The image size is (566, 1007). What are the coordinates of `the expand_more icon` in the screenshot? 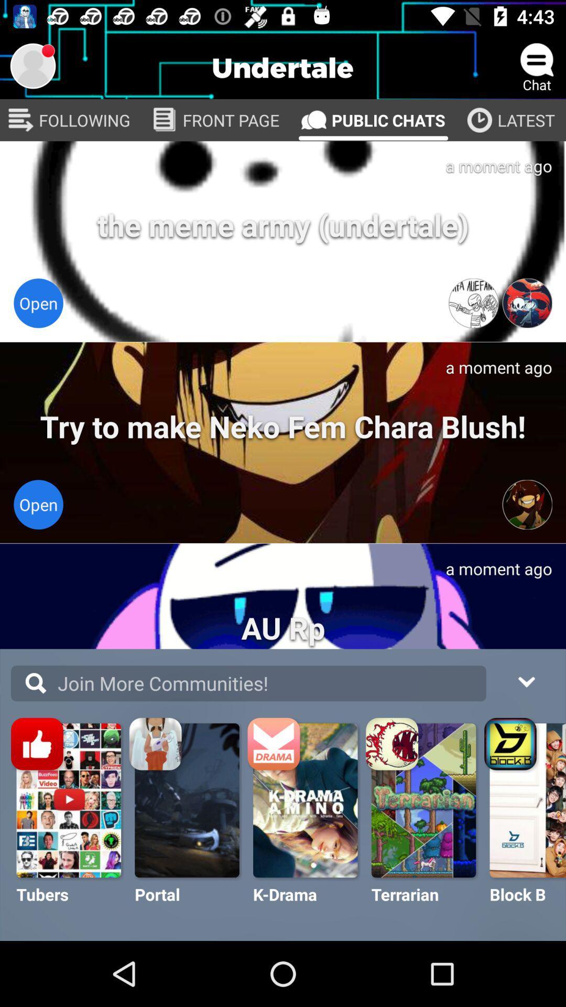 It's located at (526, 680).